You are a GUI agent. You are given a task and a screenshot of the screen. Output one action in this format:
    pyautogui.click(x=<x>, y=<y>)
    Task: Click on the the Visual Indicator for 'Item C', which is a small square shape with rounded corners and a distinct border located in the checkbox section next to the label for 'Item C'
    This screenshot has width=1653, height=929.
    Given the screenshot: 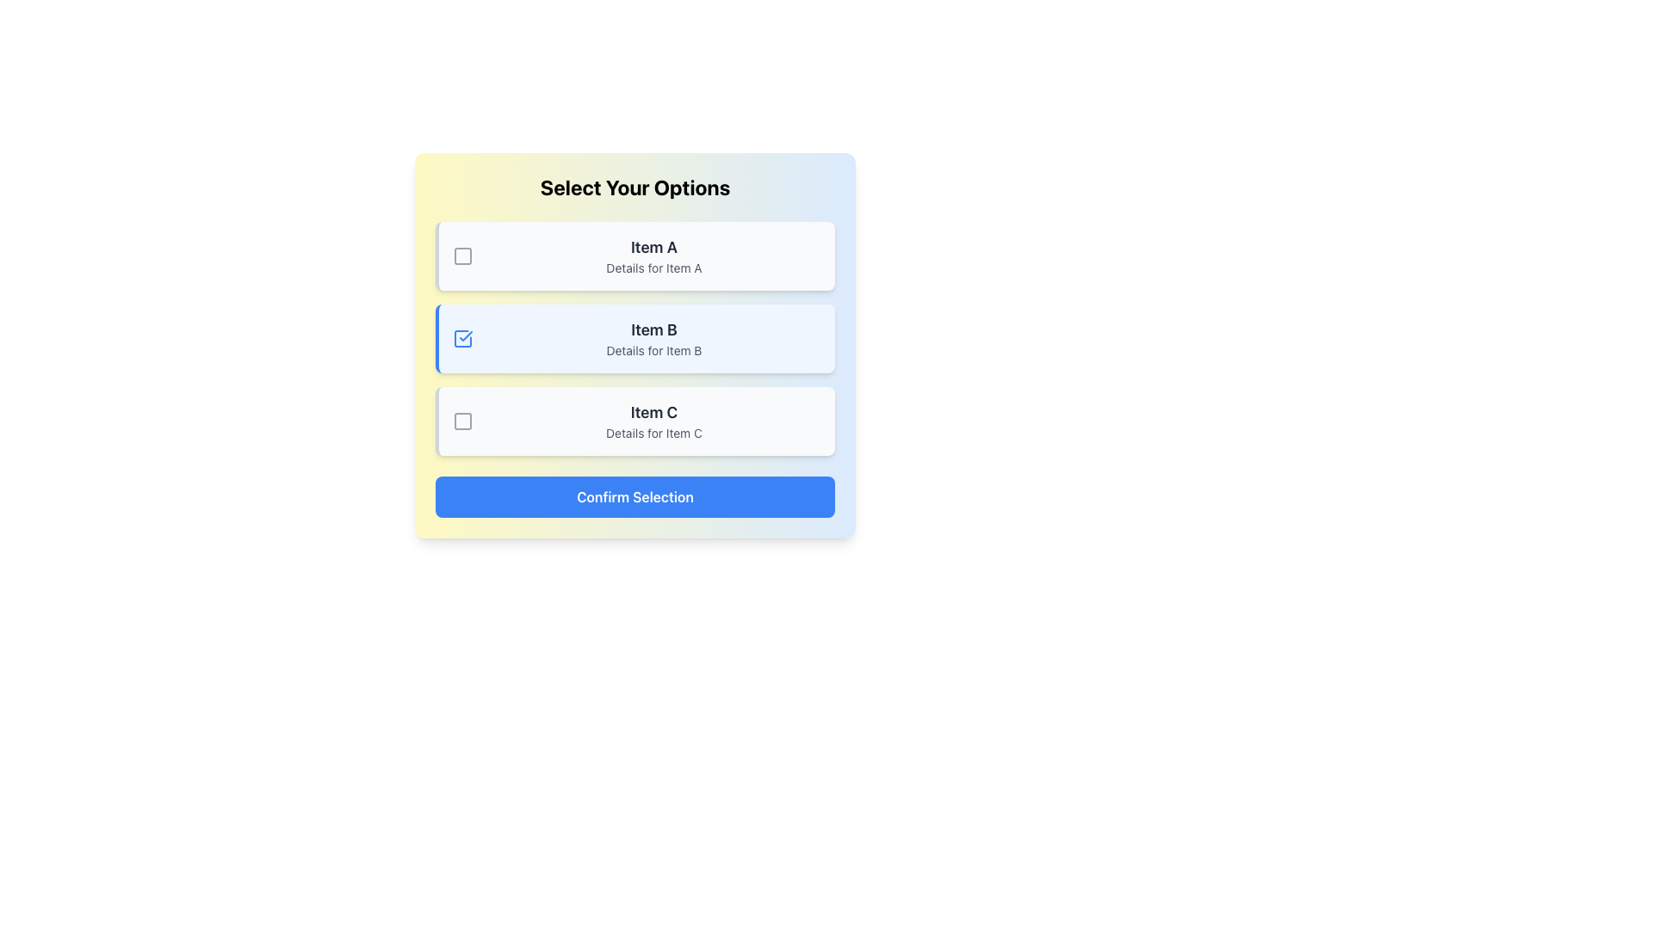 What is the action you would take?
    pyautogui.click(x=462, y=421)
    